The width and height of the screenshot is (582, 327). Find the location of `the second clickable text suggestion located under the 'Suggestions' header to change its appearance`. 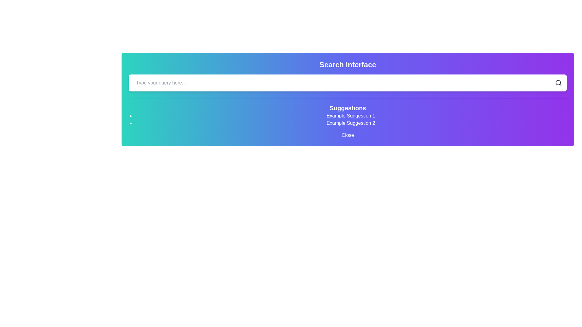

the second clickable text suggestion located under the 'Suggestions' header to change its appearance is located at coordinates (351, 123).